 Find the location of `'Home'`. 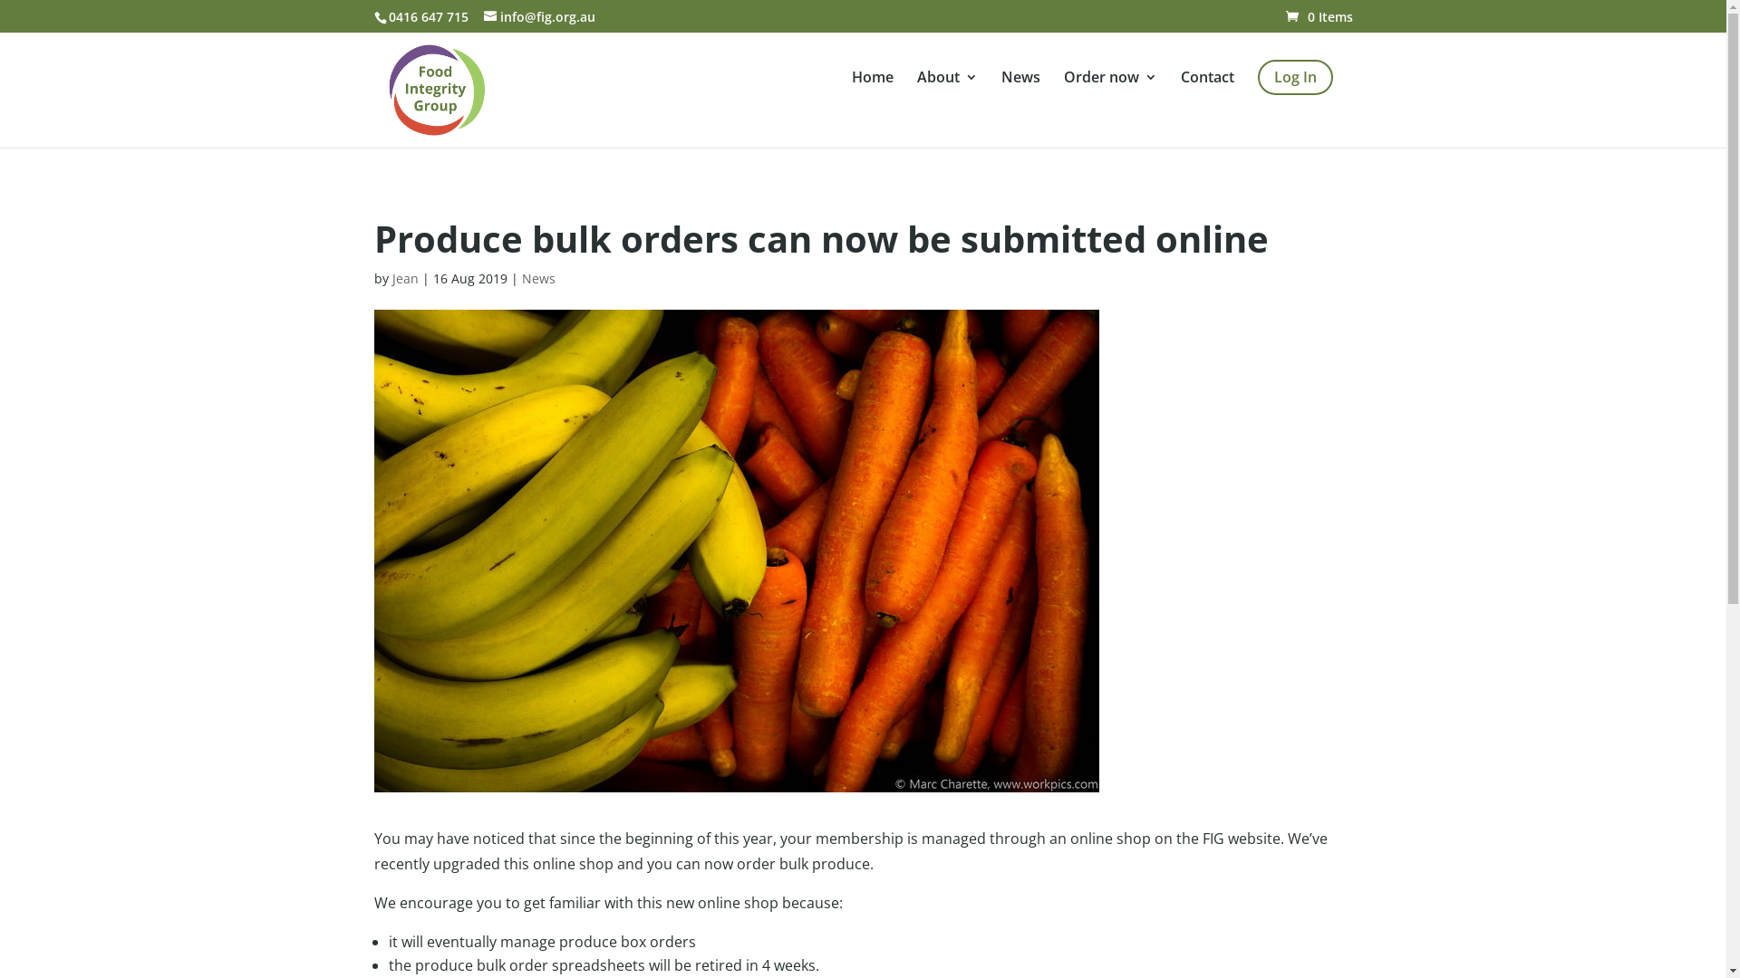

'Home' is located at coordinates (873, 91).